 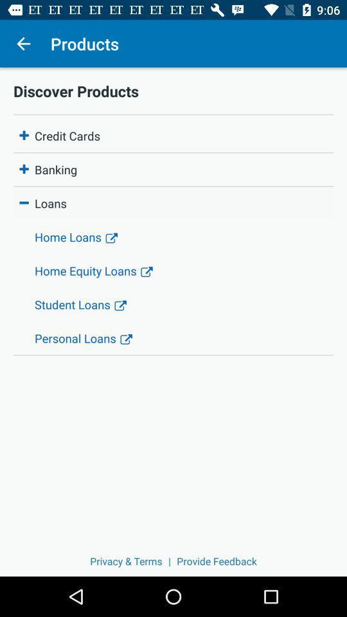 What do you see at coordinates (23, 44) in the screenshot?
I see `the icon above the discover products` at bounding box center [23, 44].